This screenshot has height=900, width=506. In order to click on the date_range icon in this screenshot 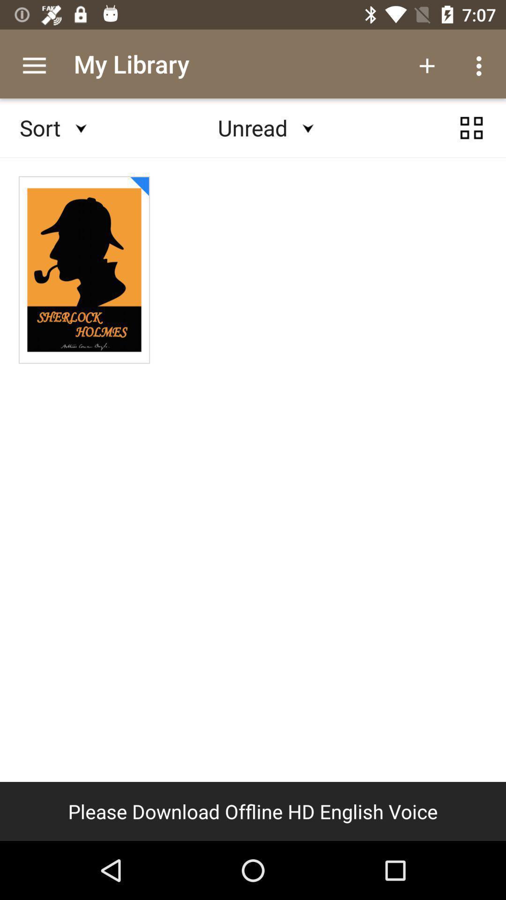, I will do `click(471, 136)`.